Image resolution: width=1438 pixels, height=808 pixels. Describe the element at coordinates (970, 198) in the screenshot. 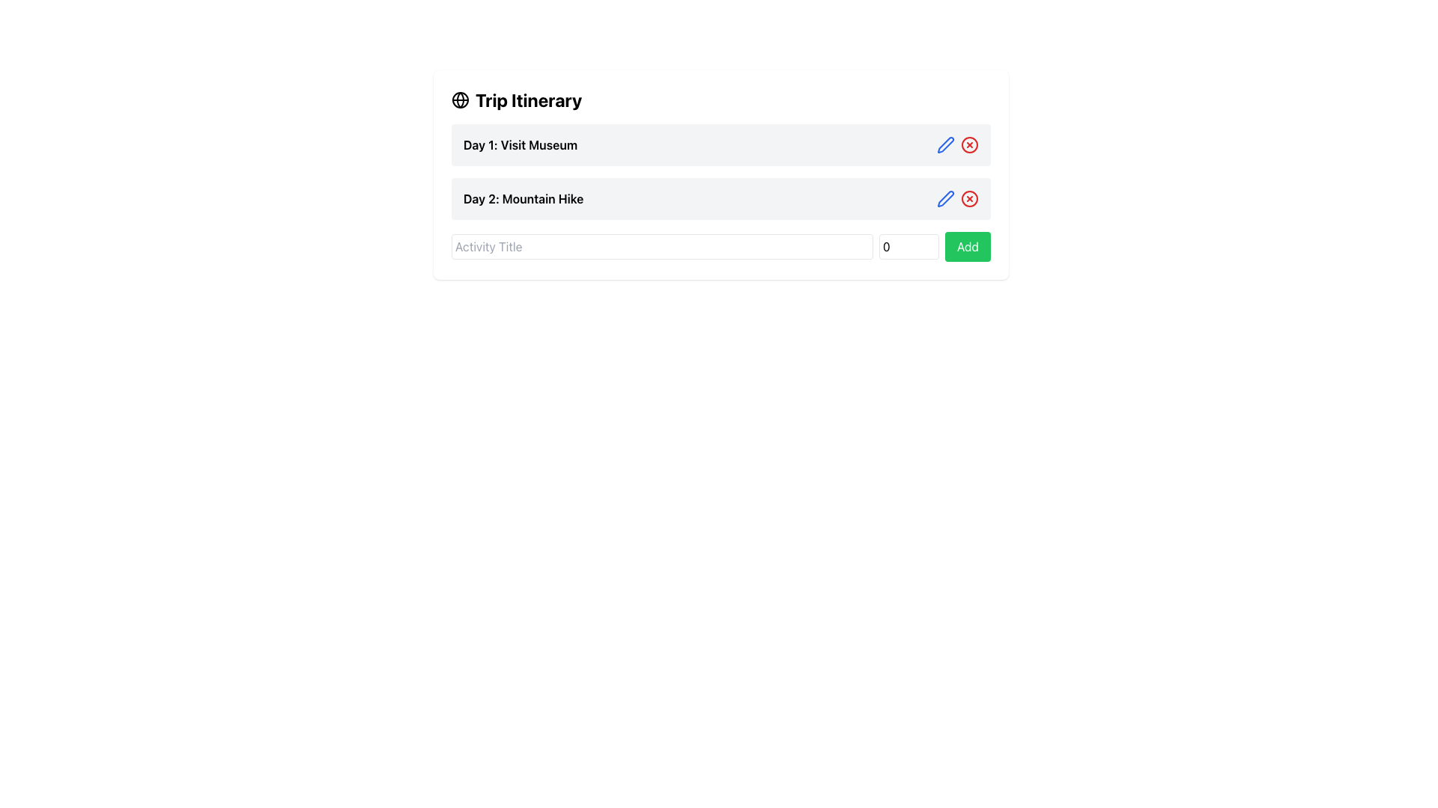

I see `the red circular icon with an 'X' symbol inside, which is the delete button for the entry titled 'Day 2: Mountain Hike'` at that location.